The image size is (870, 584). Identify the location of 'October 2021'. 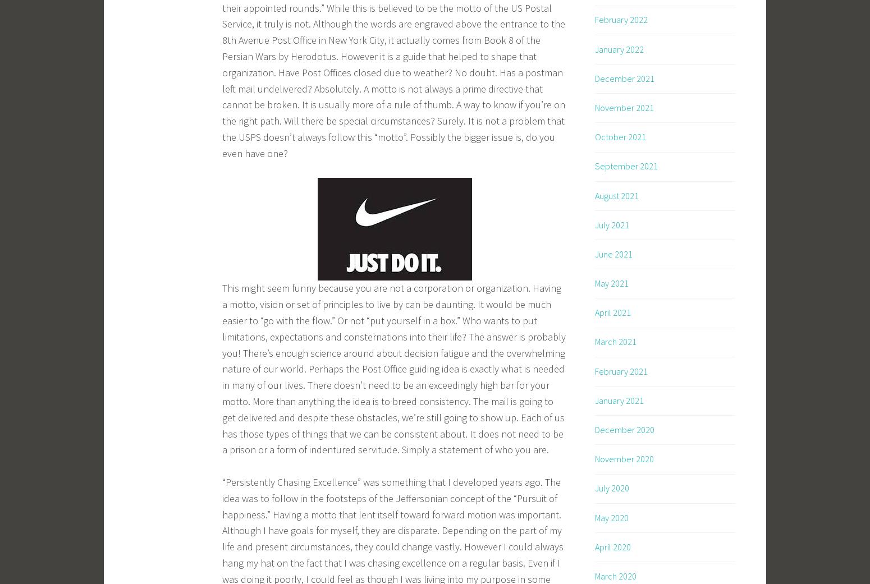
(620, 136).